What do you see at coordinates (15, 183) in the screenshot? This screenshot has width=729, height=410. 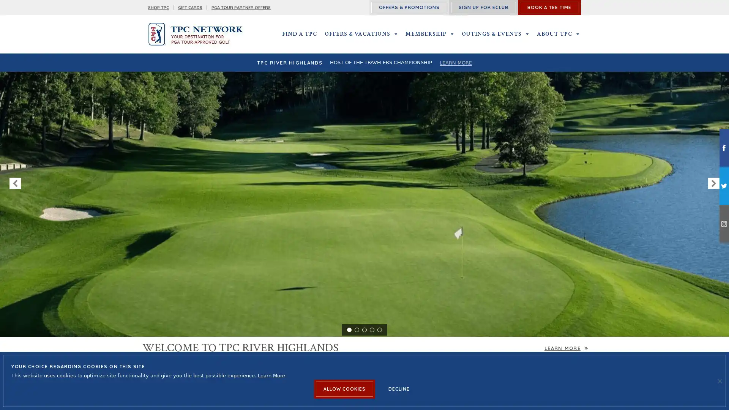 I see `PREVIOUS` at bounding box center [15, 183].